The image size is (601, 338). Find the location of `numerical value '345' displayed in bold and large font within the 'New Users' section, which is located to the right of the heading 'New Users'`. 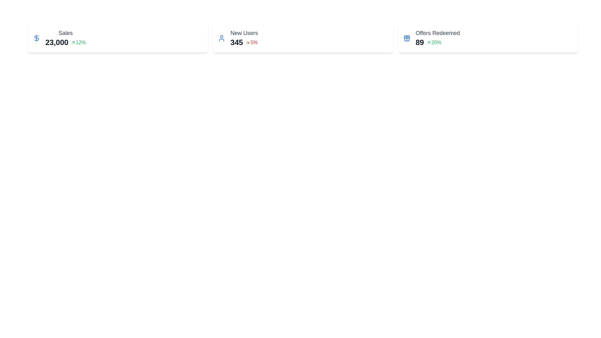

numerical value '345' displayed in bold and large font within the 'New Users' section, which is located to the right of the heading 'New Users' is located at coordinates (236, 42).